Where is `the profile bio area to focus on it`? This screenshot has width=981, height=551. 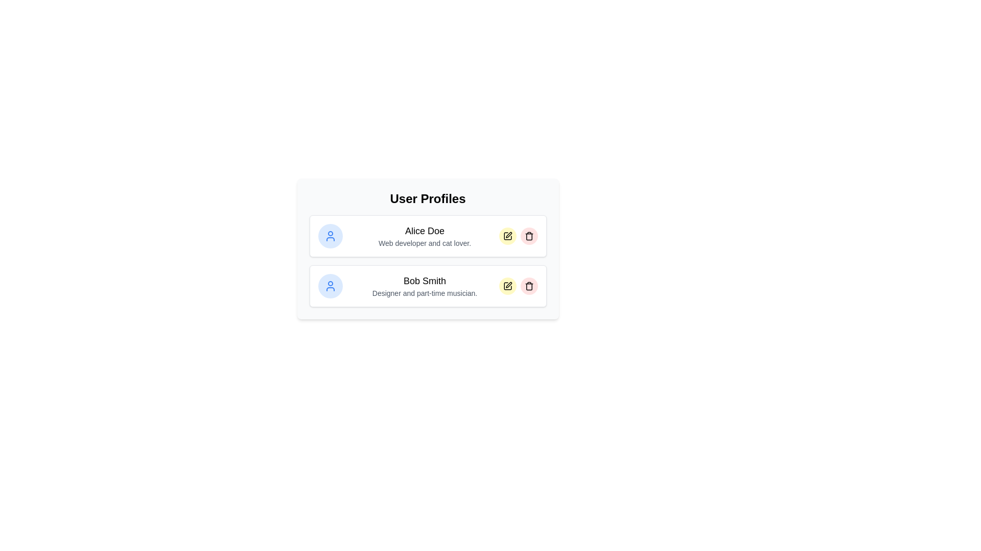
the profile bio area to focus on it is located at coordinates (425, 236).